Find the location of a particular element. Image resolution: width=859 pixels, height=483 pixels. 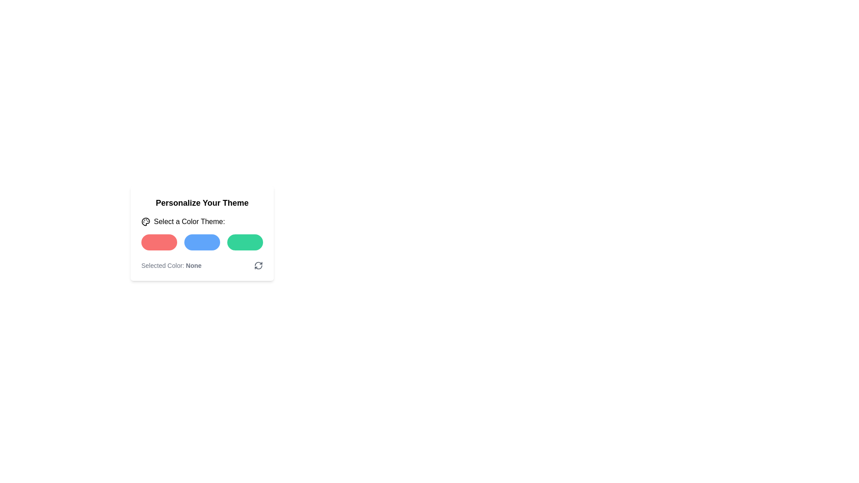

the group of selectable buttons for color theme personalization, which includes red, blue, and green buttons is located at coordinates (201, 242).